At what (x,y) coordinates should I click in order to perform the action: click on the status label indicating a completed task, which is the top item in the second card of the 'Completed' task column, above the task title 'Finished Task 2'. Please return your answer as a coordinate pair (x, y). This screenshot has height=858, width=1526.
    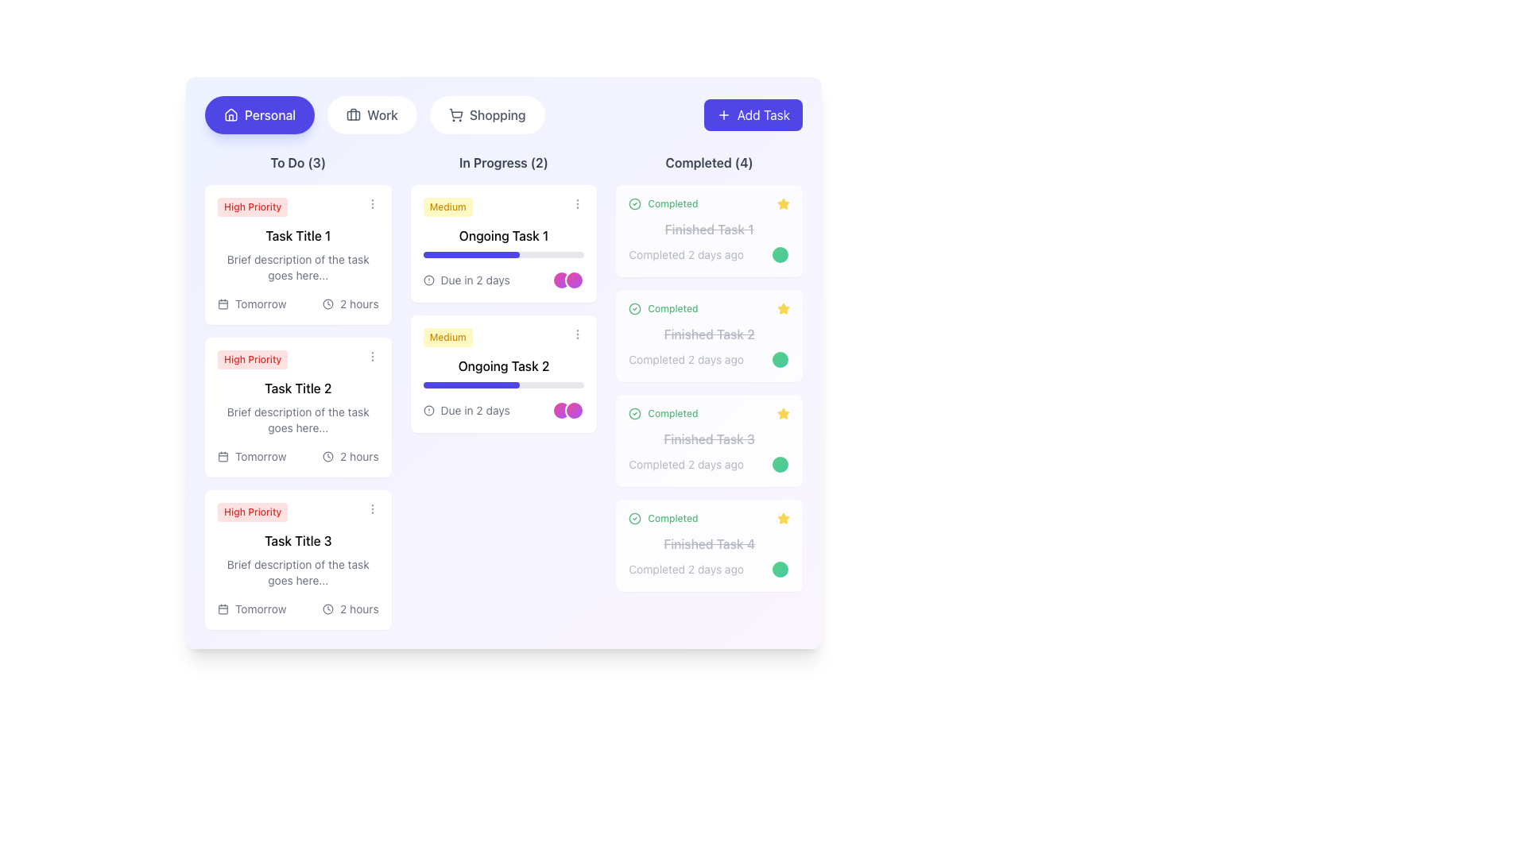
    Looking at the image, I should click on (664, 309).